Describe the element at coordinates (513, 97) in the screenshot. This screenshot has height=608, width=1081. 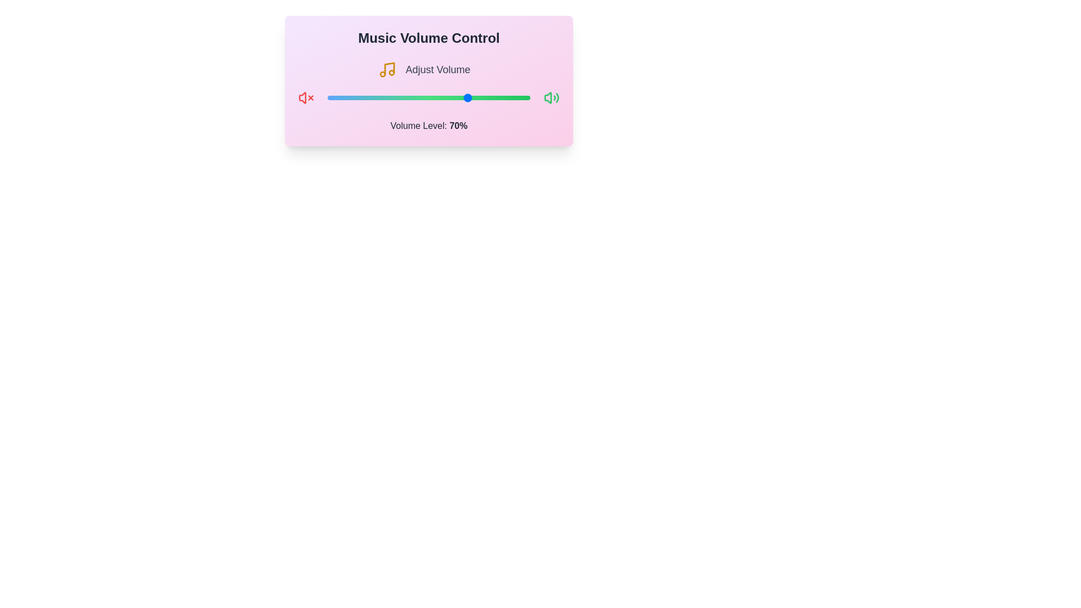
I see `the volume slider to 92%` at that location.